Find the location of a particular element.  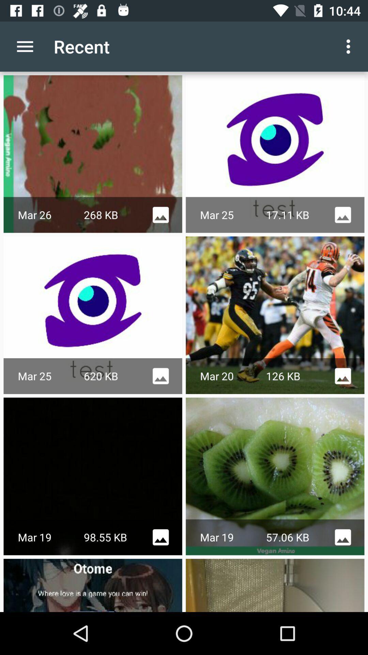

icon below more settings is located at coordinates (275, 154).